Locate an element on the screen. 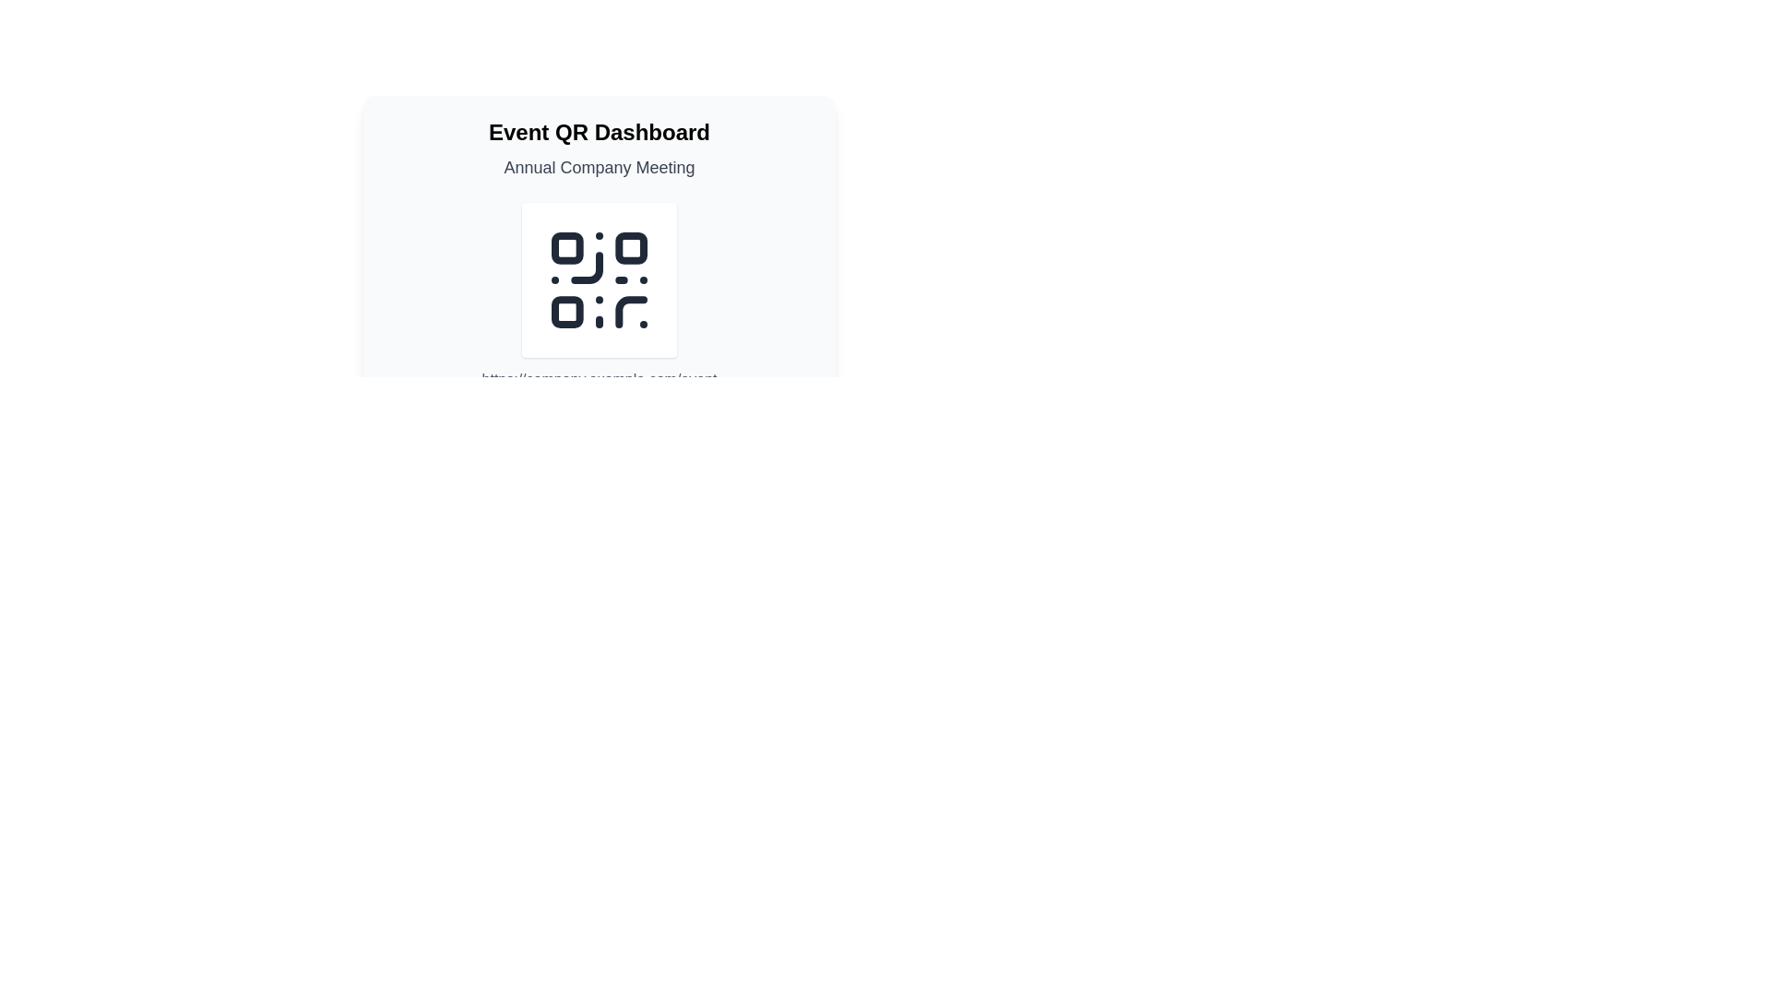 This screenshot has width=1771, height=996. the Text display (Header) element that serves as the primary header above the subtitle 'Annual Company Meeting' is located at coordinates (599, 131).